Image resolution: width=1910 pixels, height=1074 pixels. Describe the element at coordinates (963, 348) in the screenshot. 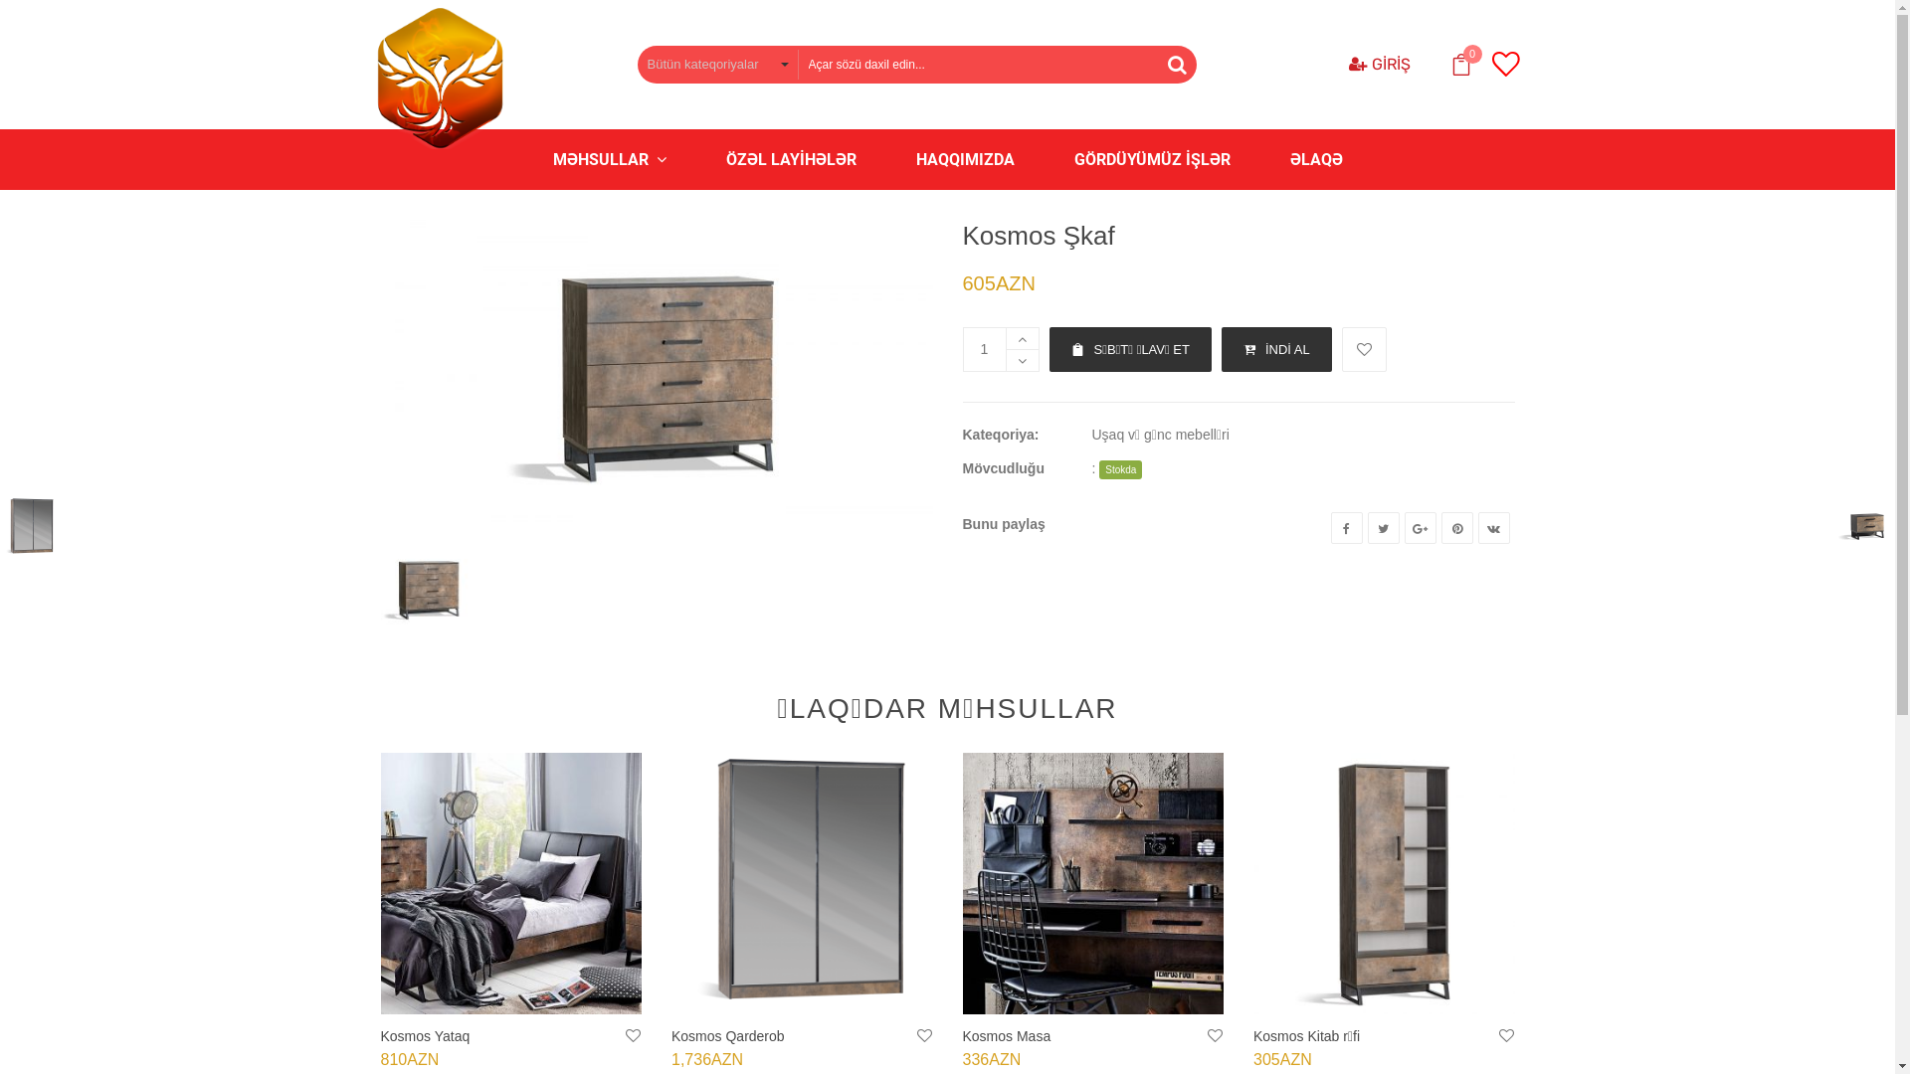

I see `'Miqdar'` at that location.